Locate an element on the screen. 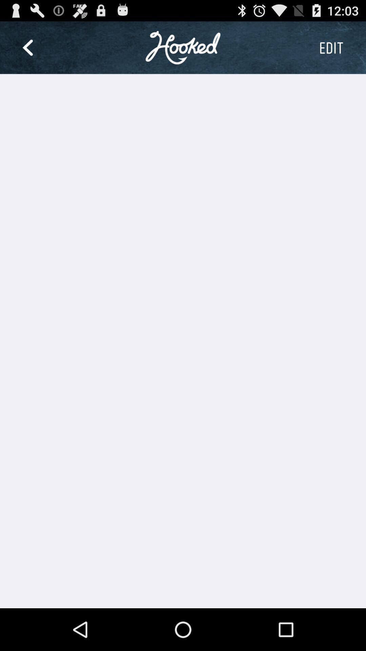 This screenshot has height=651, width=366. the arrow_backward icon is located at coordinates (27, 51).